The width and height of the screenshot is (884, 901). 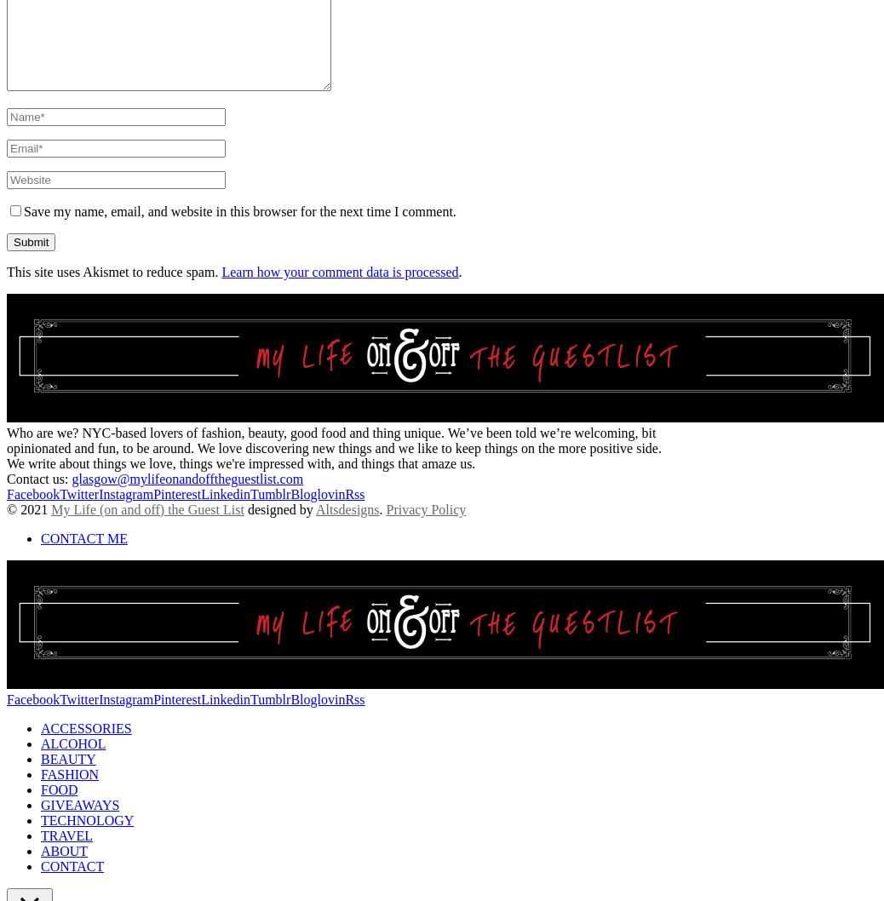 What do you see at coordinates (39, 773) in the screenshot?
I see `'FASHION'` at bounding box center [39, 773].